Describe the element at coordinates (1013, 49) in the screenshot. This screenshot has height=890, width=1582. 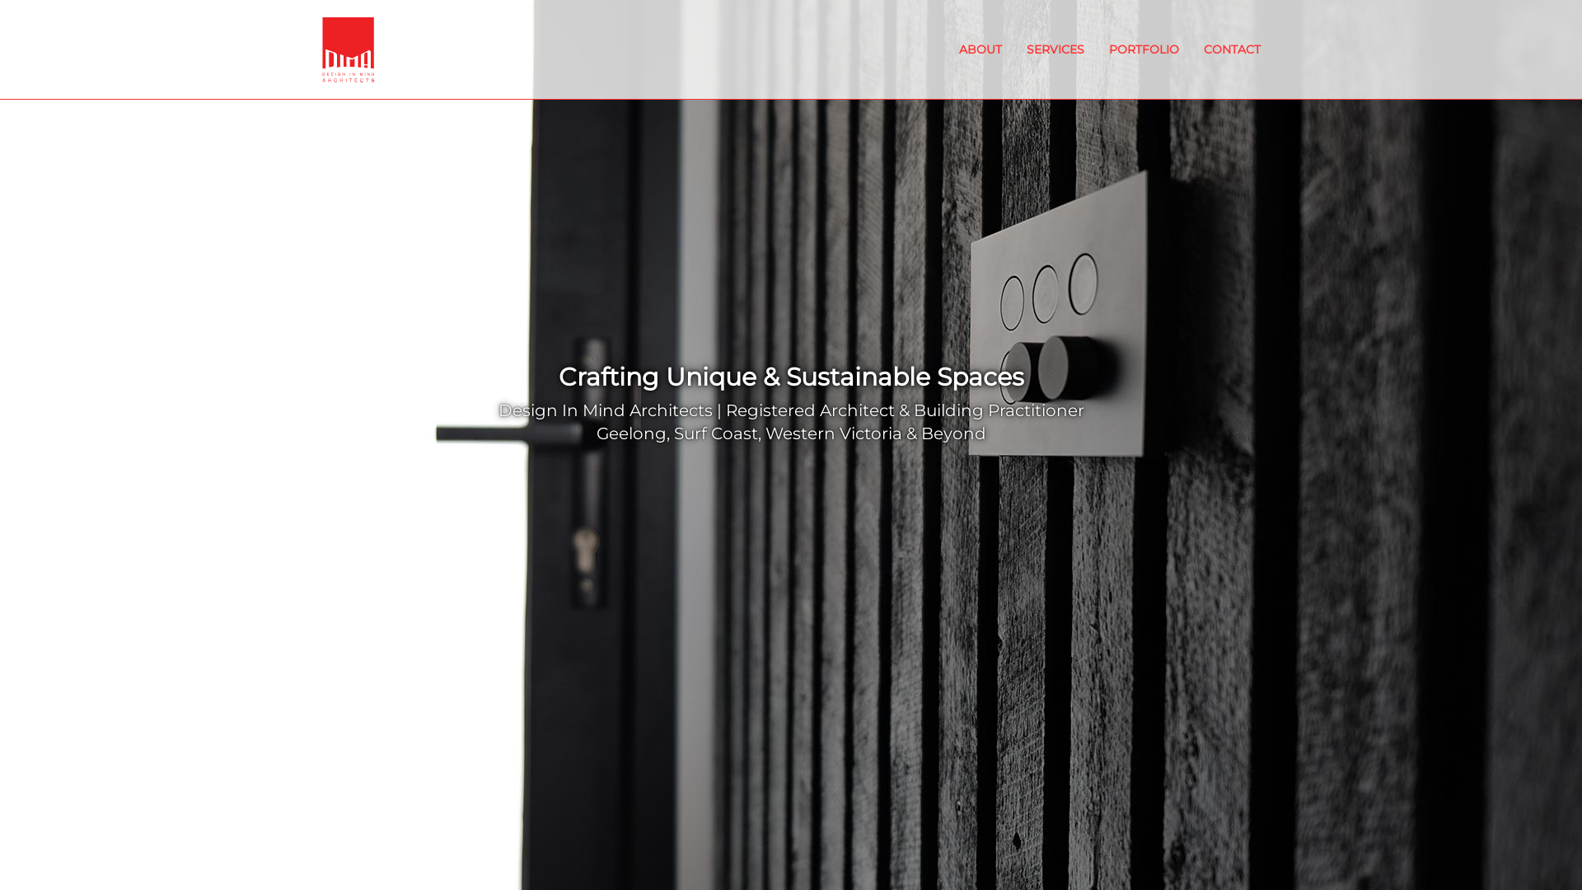
I see `'SERVICES'` at that location.